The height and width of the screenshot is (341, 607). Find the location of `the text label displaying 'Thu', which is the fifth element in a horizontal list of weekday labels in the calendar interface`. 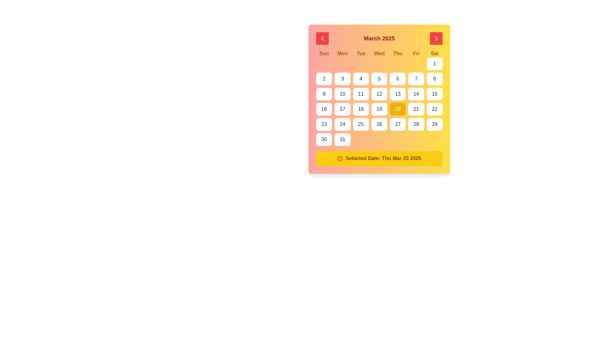

the text label displaying 'Thu', which is the fifth element in a horizontal list of weekday labels in the calendar interface is located at coordinates (397, 53).